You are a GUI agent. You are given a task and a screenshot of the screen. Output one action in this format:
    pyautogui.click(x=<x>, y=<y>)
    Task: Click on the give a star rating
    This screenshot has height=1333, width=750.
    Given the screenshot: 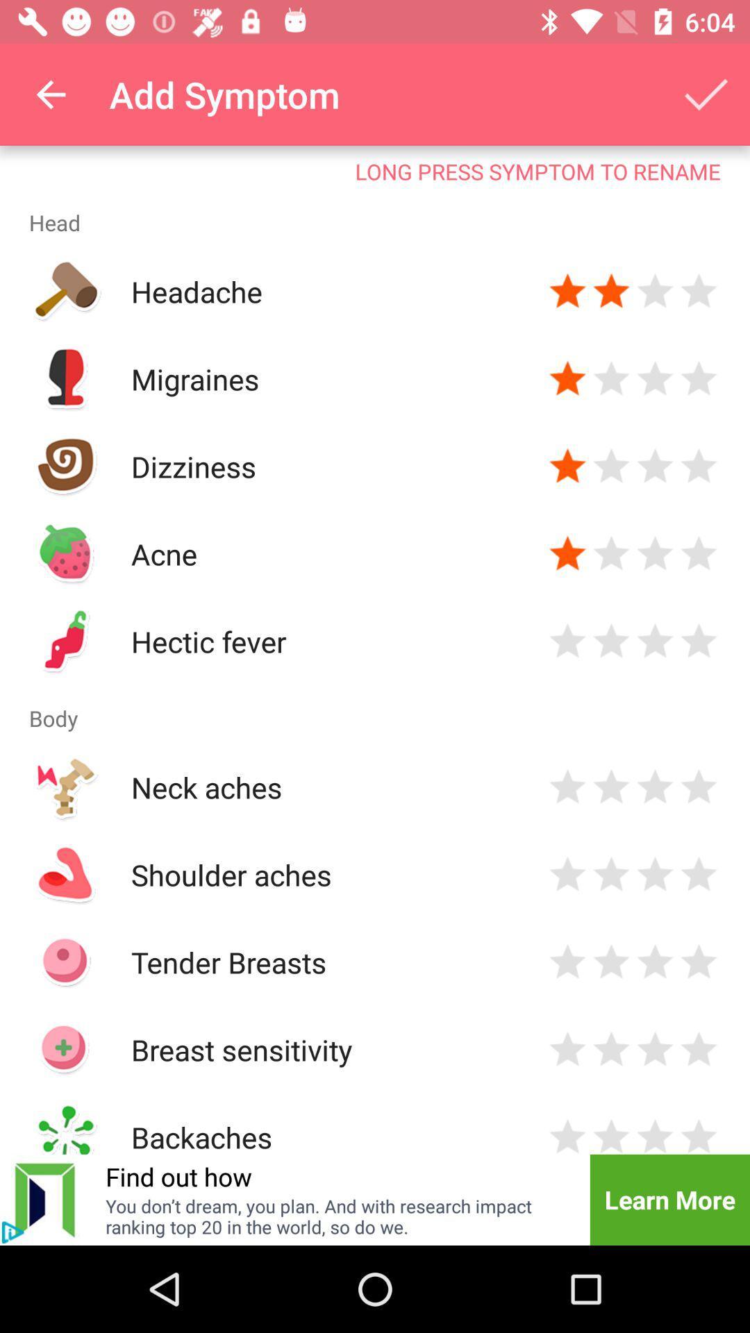 What is the action you would take?
    pyautogui.click(x=699, y=467)
    